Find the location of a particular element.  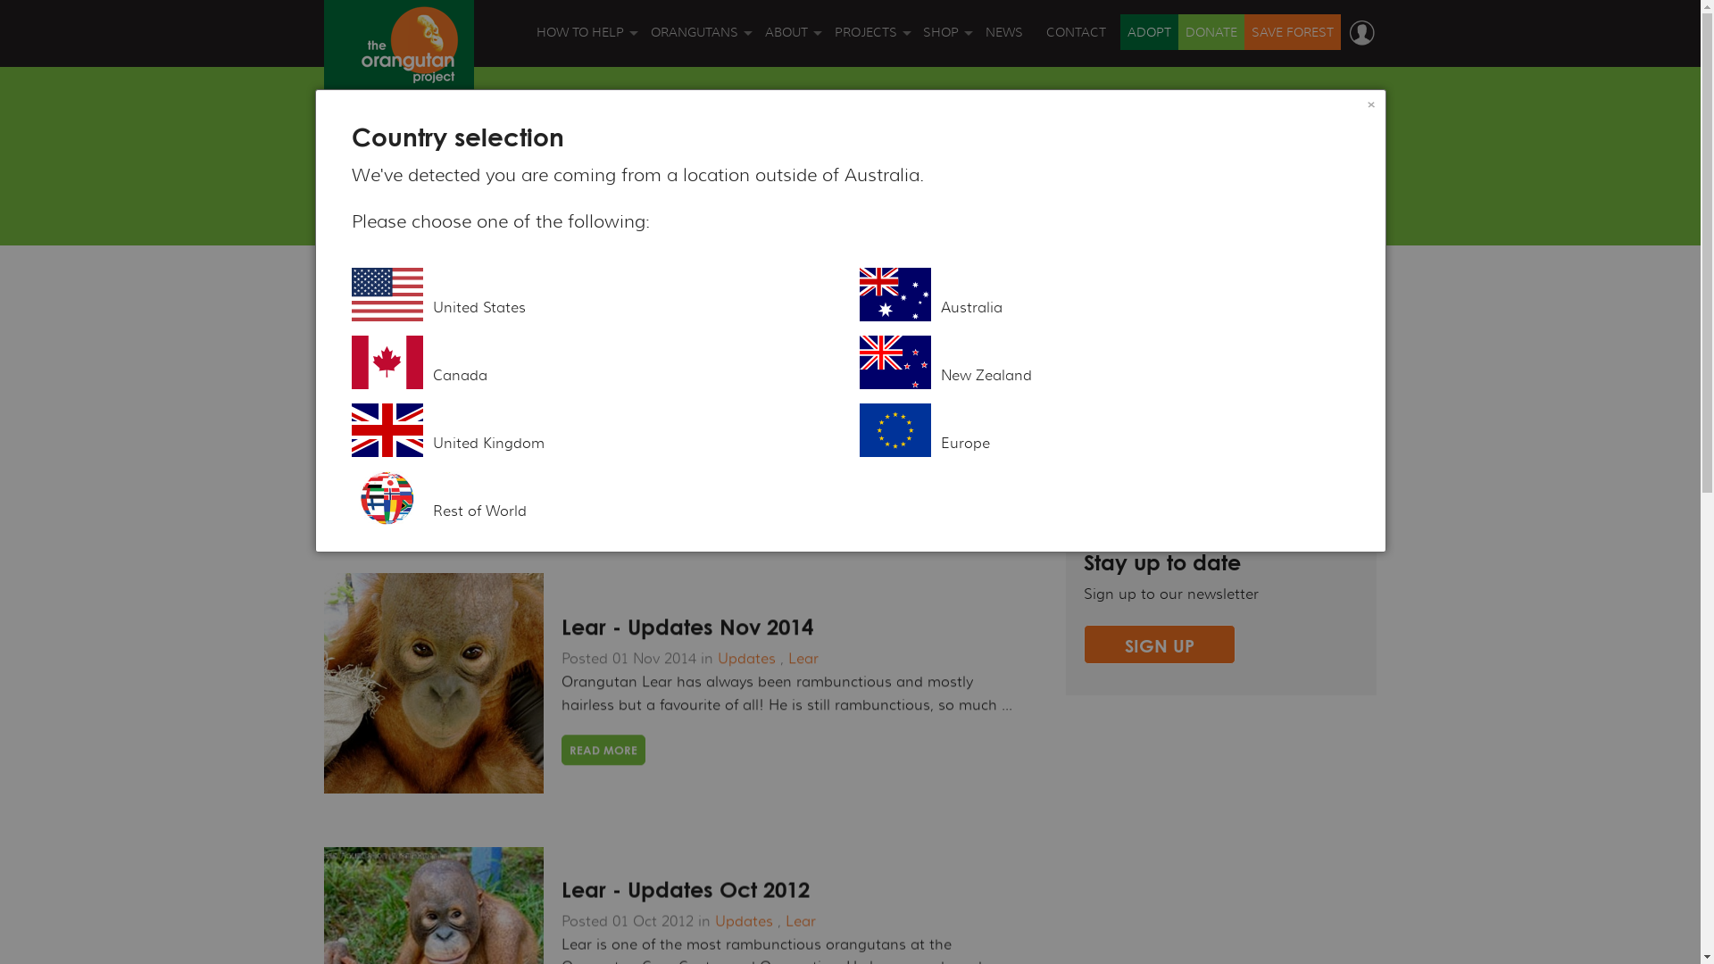

'ADOPT' is located at coordinates (1149, 31).